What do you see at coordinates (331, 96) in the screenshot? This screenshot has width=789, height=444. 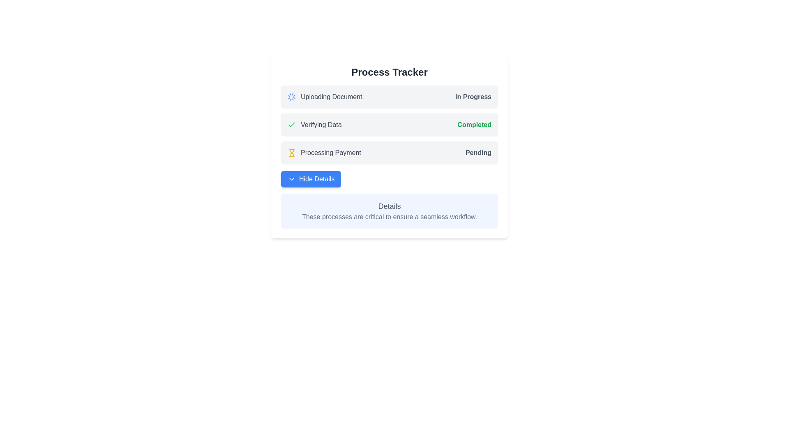 I see `the status update displayed in the Text Label located to the right of the spinning loader icon within the 'Process Tracker' card layout` at bounding box center [331, 96].